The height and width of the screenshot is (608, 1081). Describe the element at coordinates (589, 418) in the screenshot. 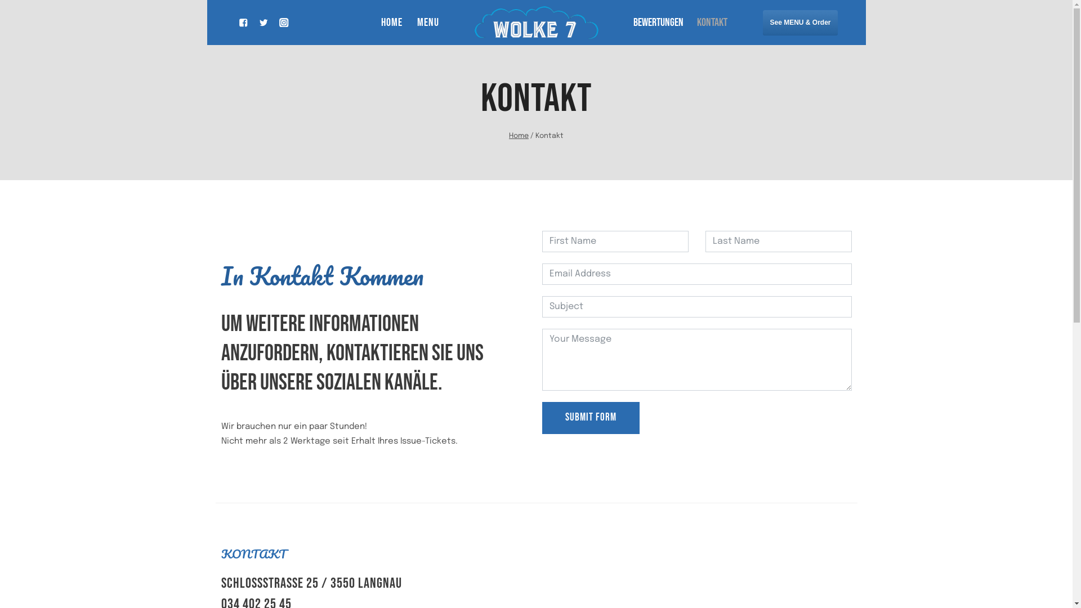

I see `'SUBMIT FORM'` at that location.